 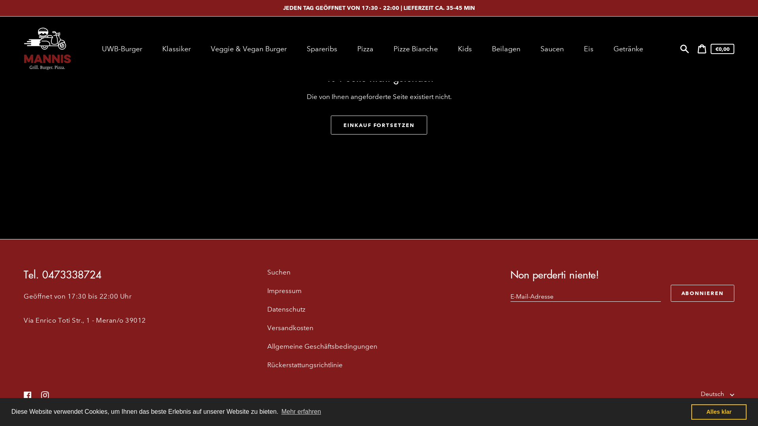 I want to click on 'UWB-Burger', so click(x=122, y=49).